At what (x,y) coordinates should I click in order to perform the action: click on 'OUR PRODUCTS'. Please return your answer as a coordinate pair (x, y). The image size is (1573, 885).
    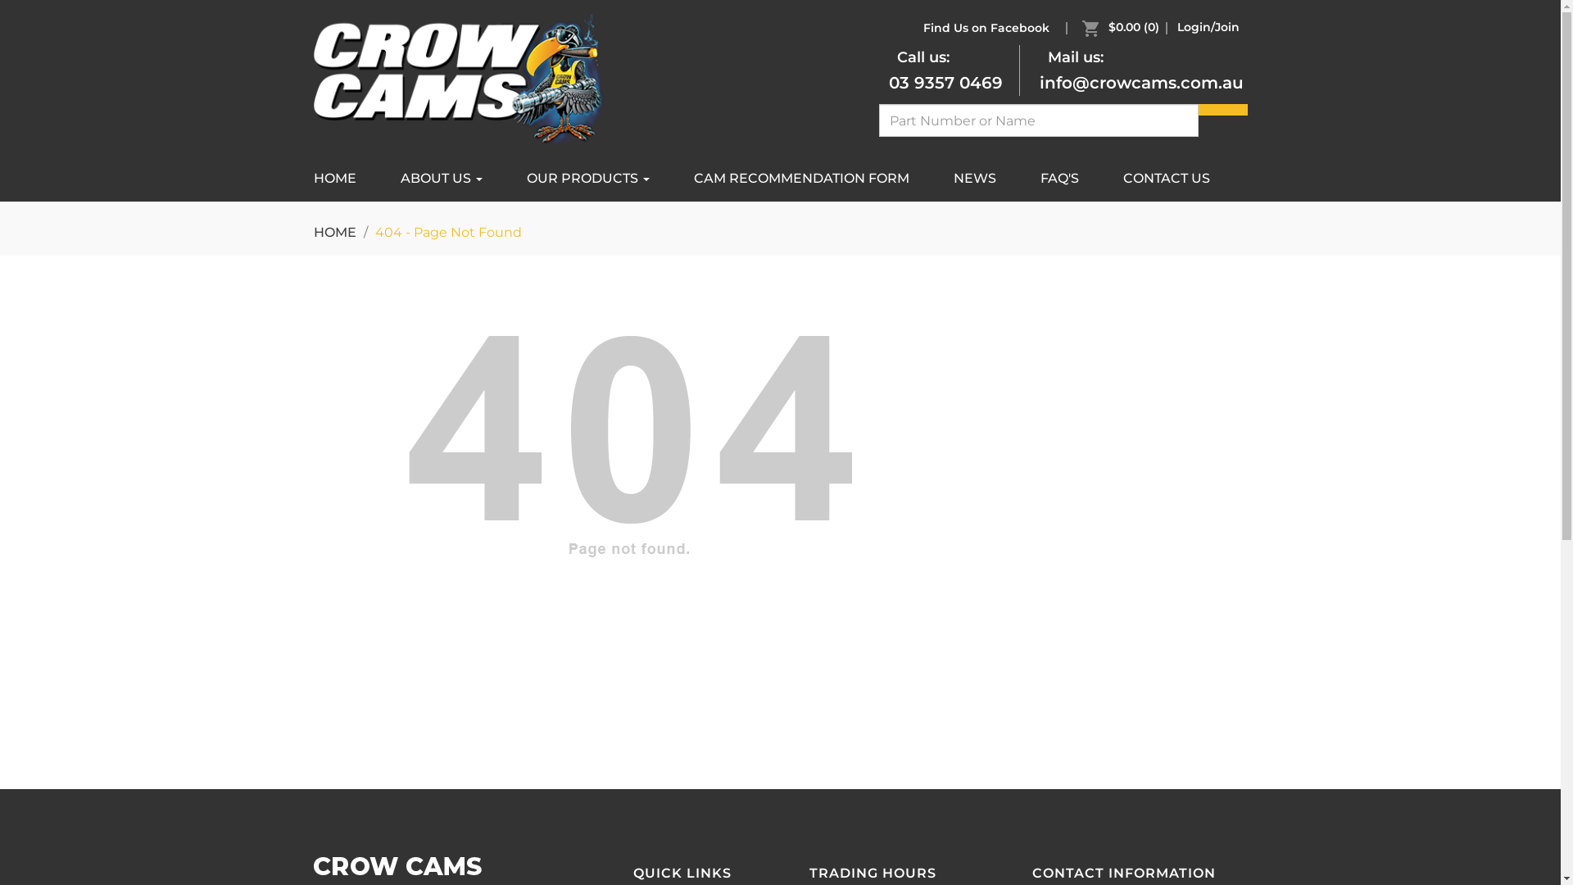
    Looking at the image, I should click on (505, 179).